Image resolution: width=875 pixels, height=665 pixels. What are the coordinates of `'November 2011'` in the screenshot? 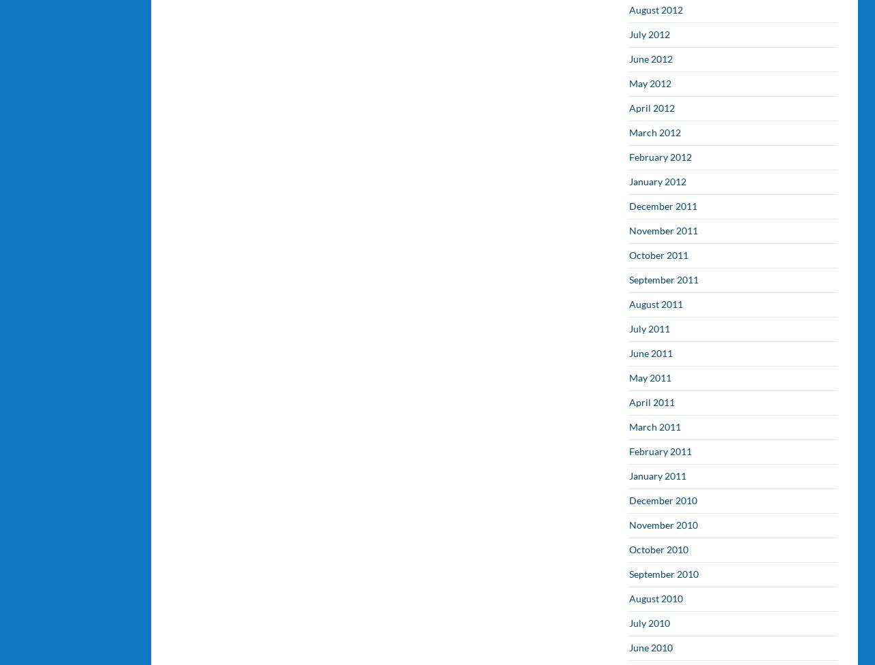 It's located at (629, 230).